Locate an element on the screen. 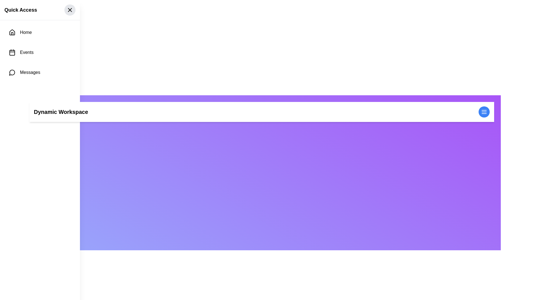 Image resolution: width=533 pixels, height=300 pixels. the Close button icon, which is a diagonal cross icon on a circular light gray background located in the top-right corner of the sidebar interface is located at coordinates (70, 10).